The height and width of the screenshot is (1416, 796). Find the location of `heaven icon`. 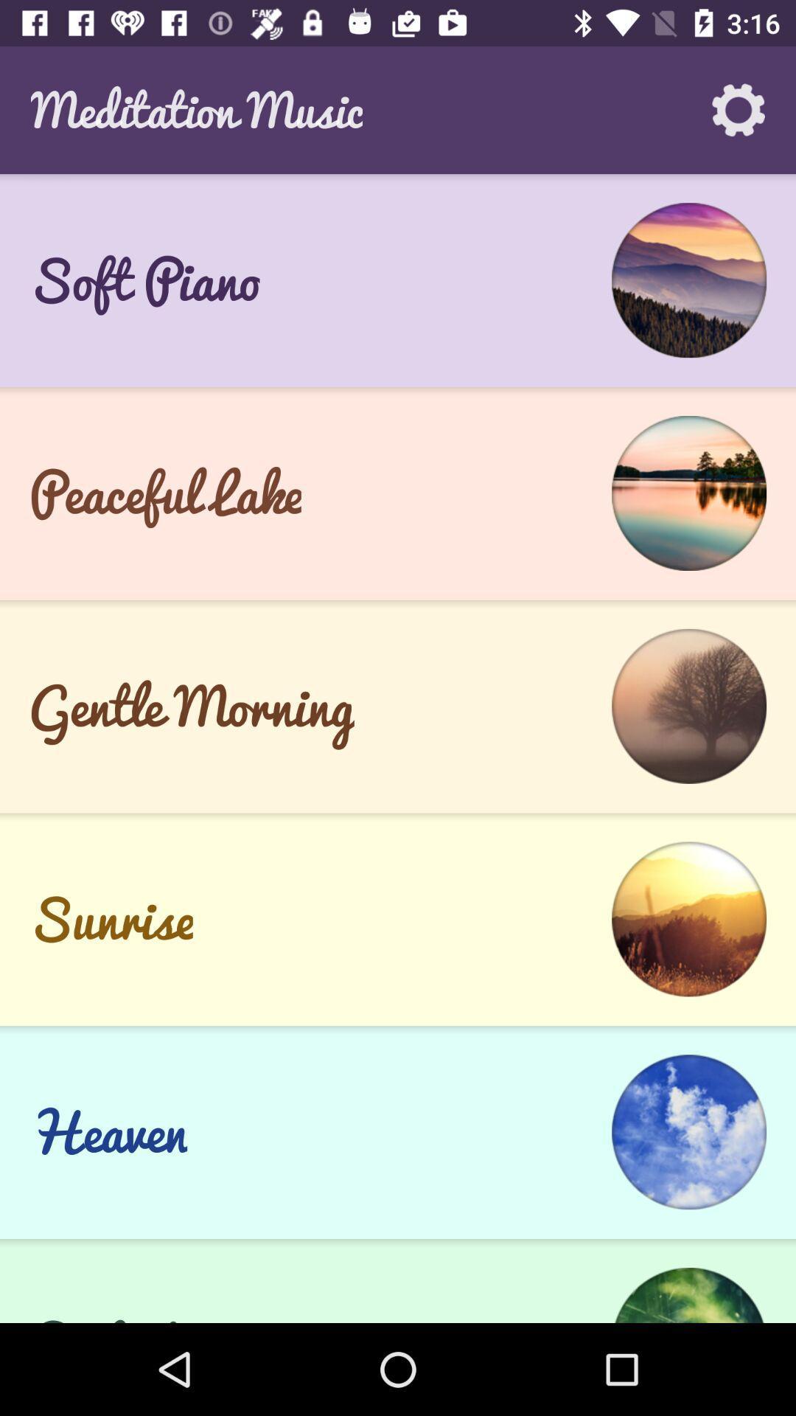

heaven icon is located at coordinates (107, 1131).